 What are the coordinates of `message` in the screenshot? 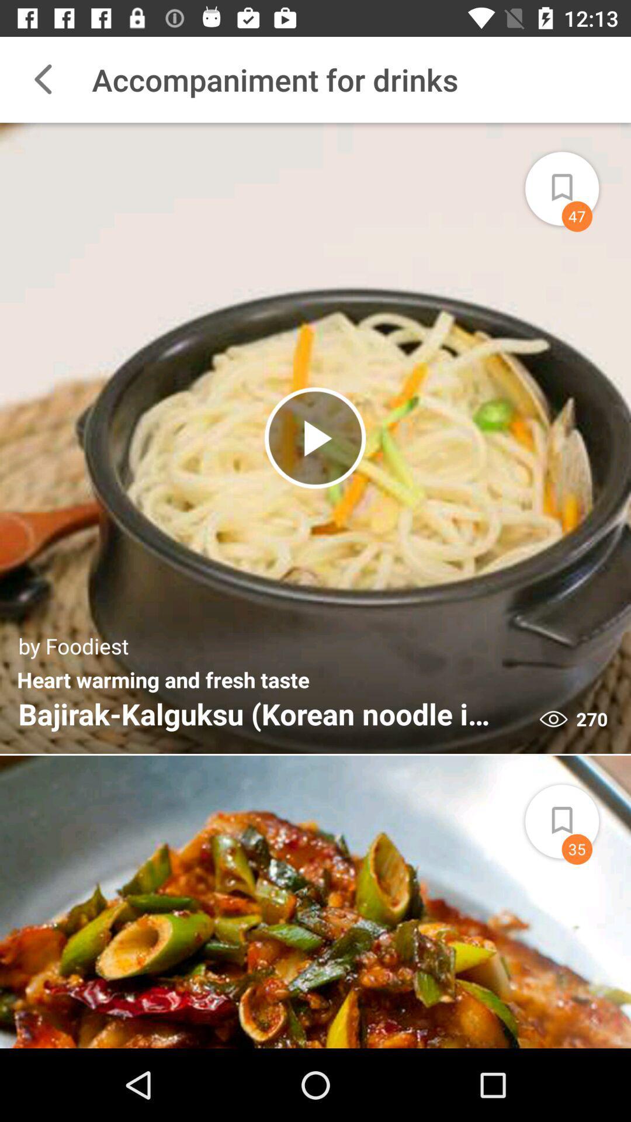 It's located at (575, 181).